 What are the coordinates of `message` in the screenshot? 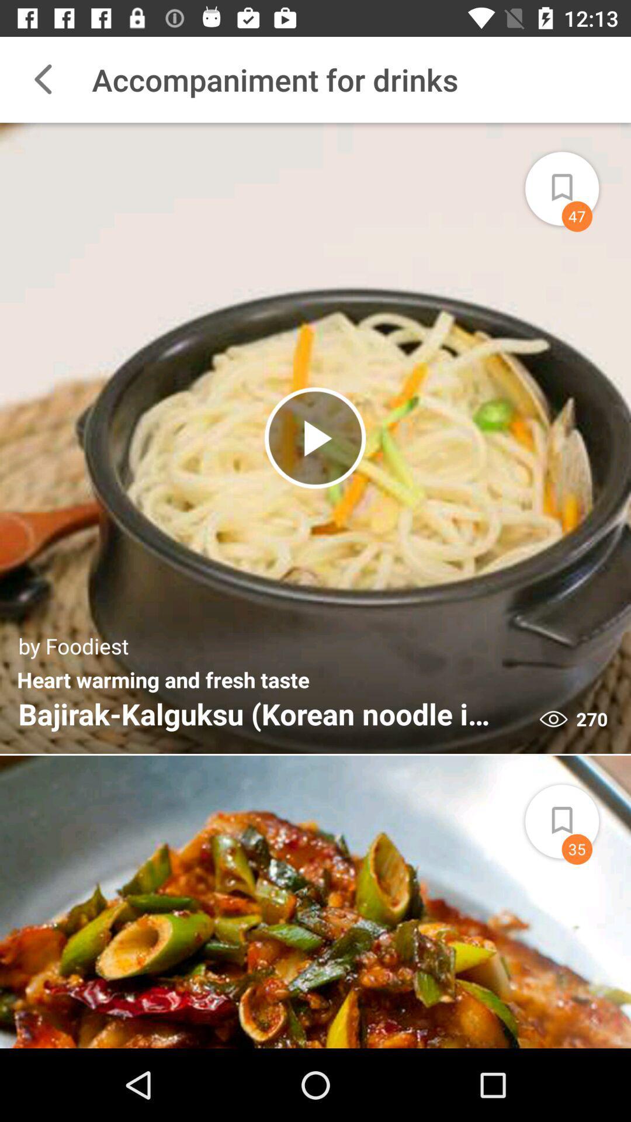 It's located at (575, 181).